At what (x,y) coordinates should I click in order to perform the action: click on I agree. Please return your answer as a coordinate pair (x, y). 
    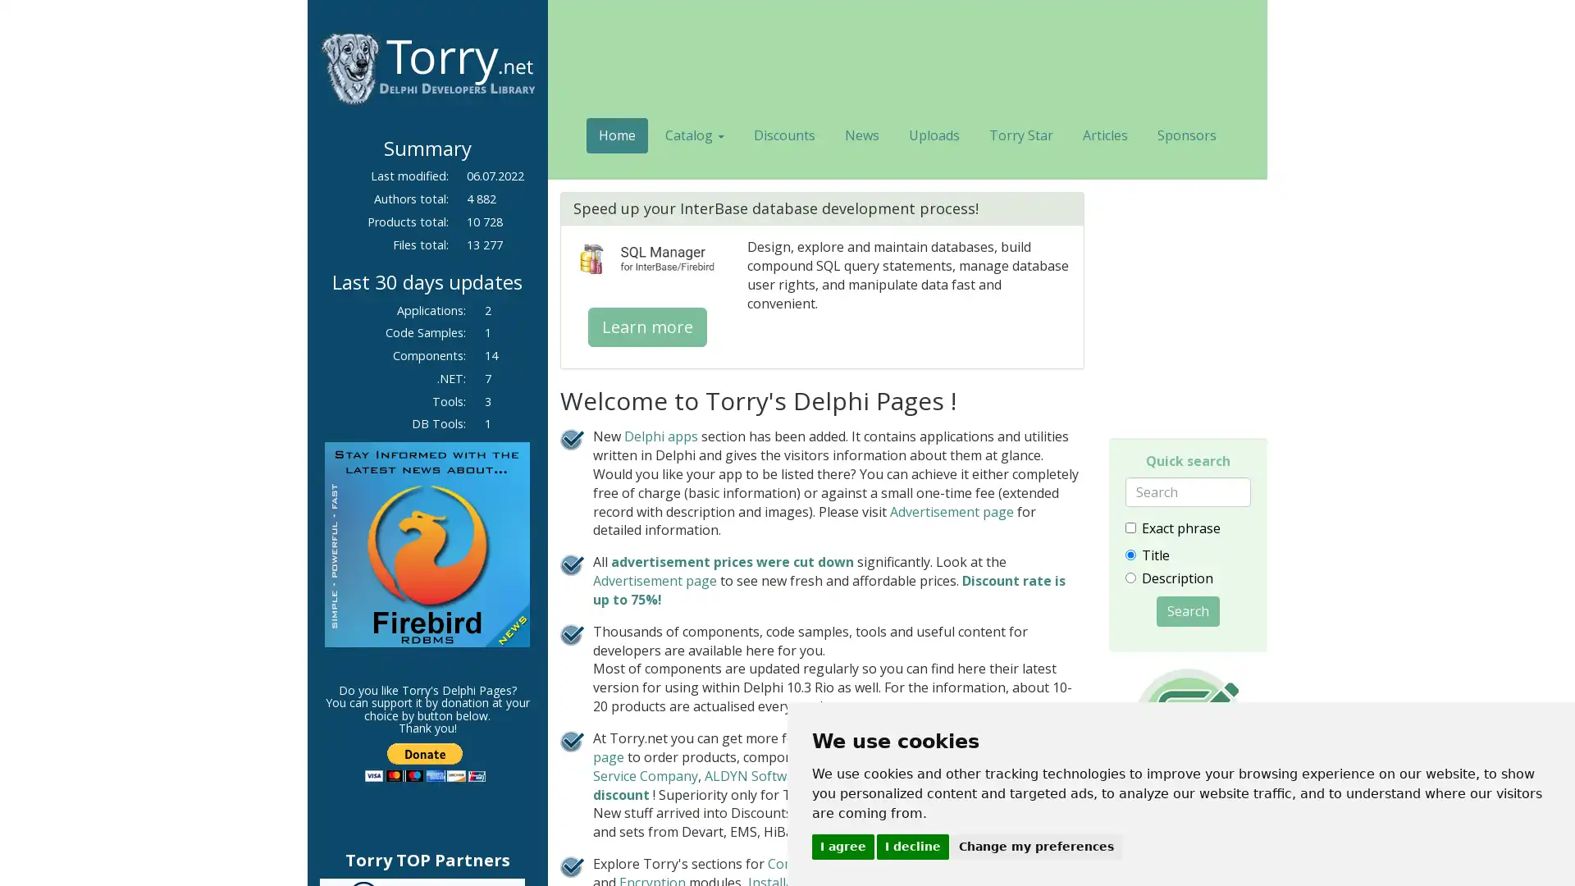
    Looking at the image, I should click on (842, 846).